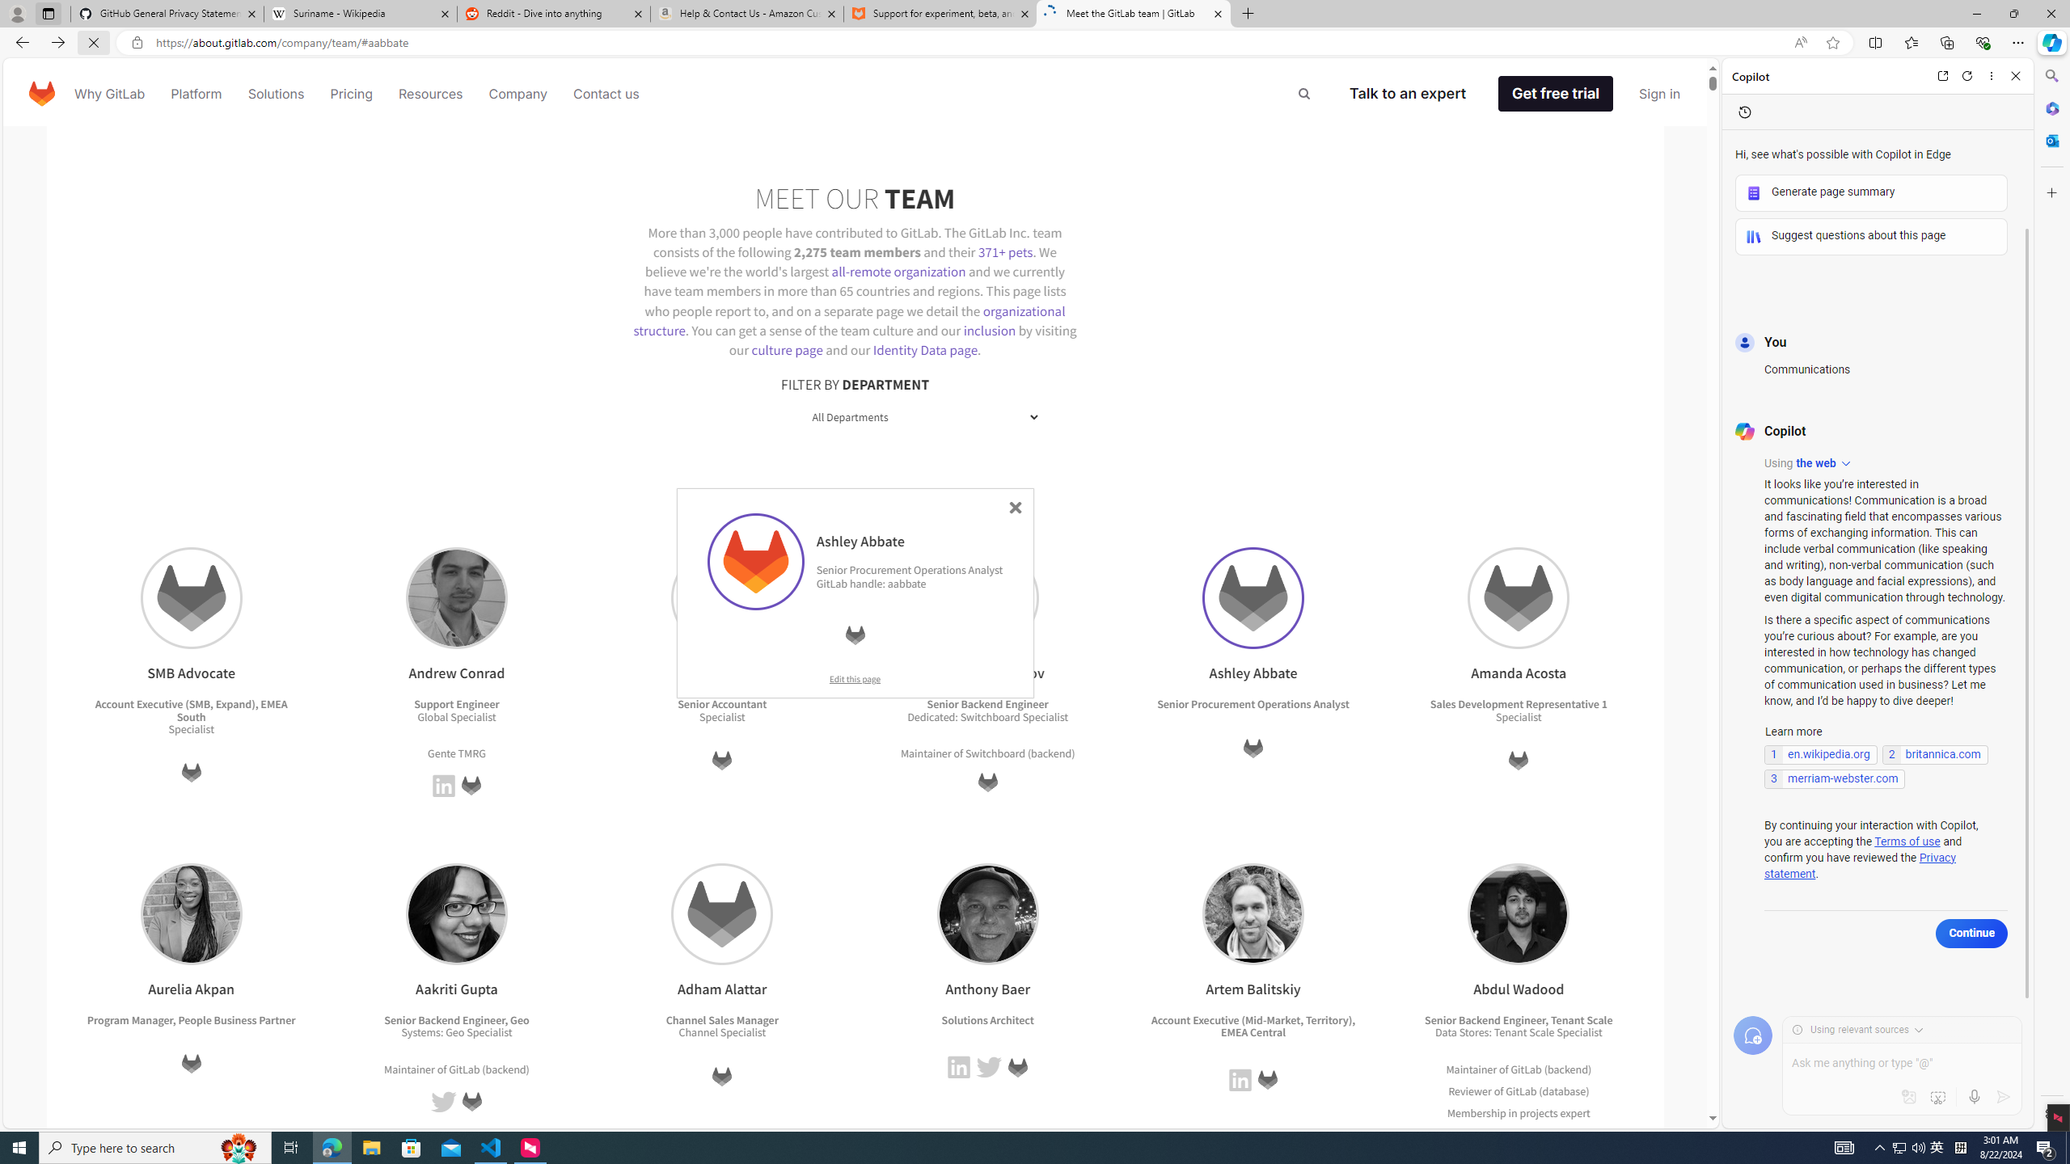  I want to click on 'Company', so click(517, 92).